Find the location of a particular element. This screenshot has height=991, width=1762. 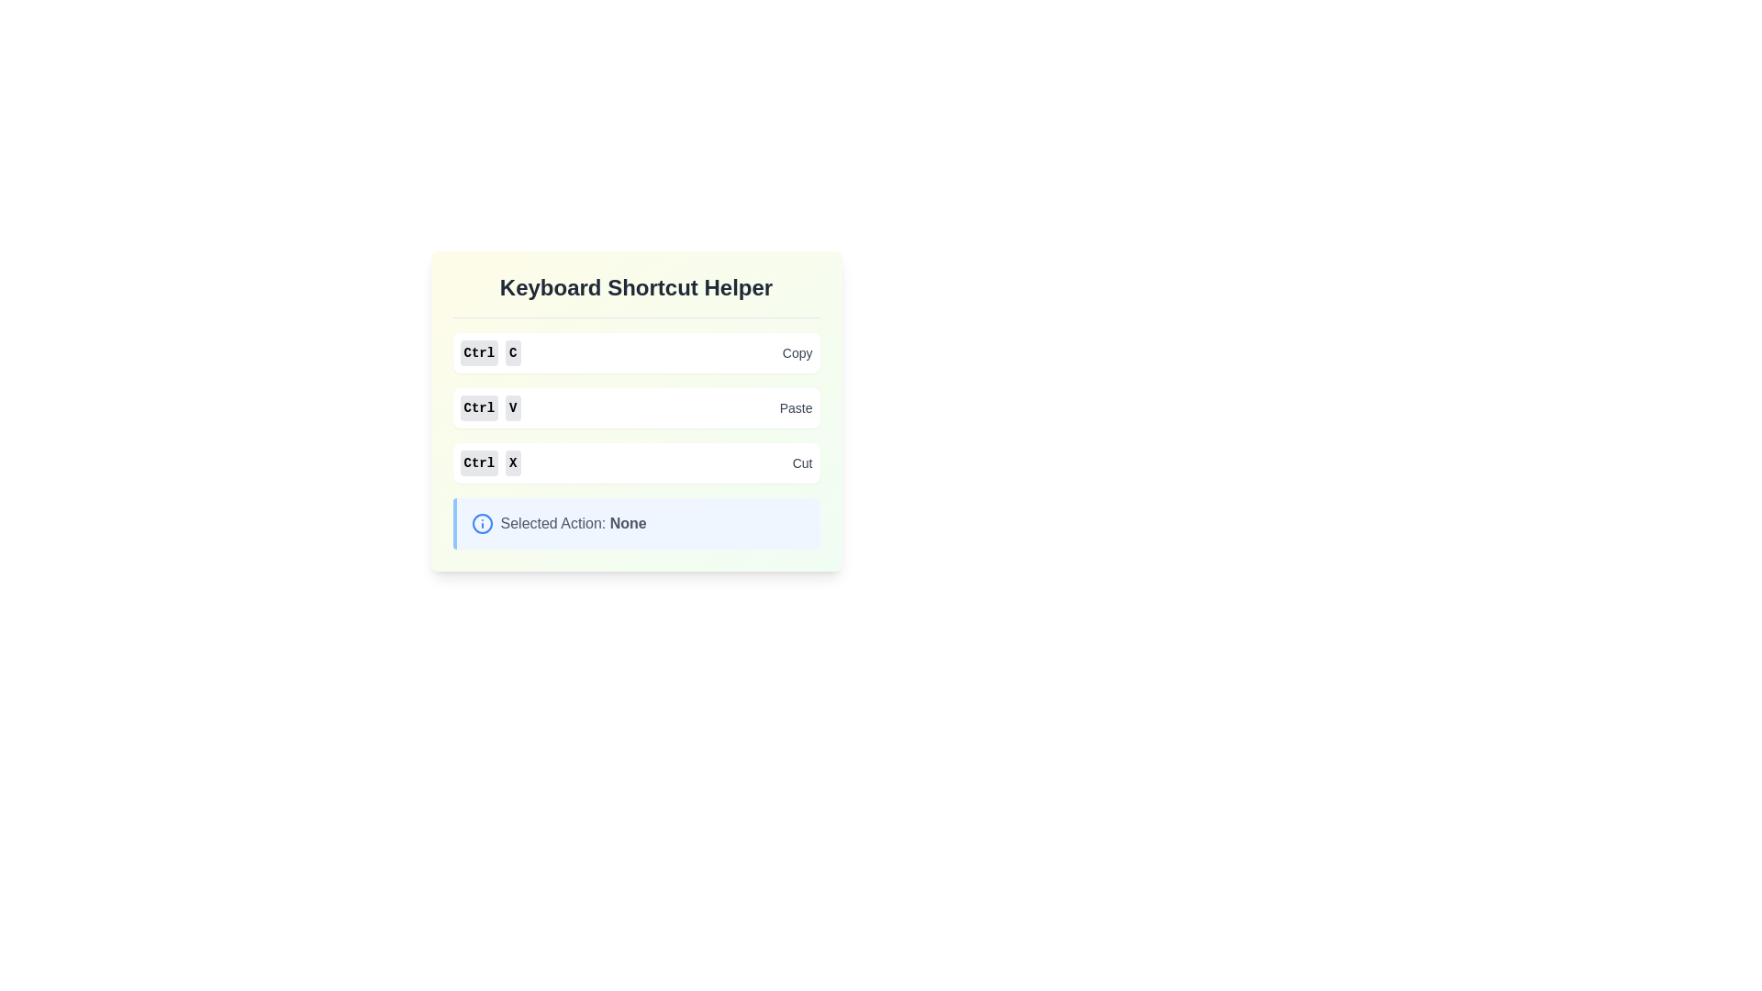

the text label displaying 'Selected Action: None' which is part of the 'Keyboard Shortcut Helper' component, located at the bottom section and accompanied by an info icon is located at coordinates (573, 523).